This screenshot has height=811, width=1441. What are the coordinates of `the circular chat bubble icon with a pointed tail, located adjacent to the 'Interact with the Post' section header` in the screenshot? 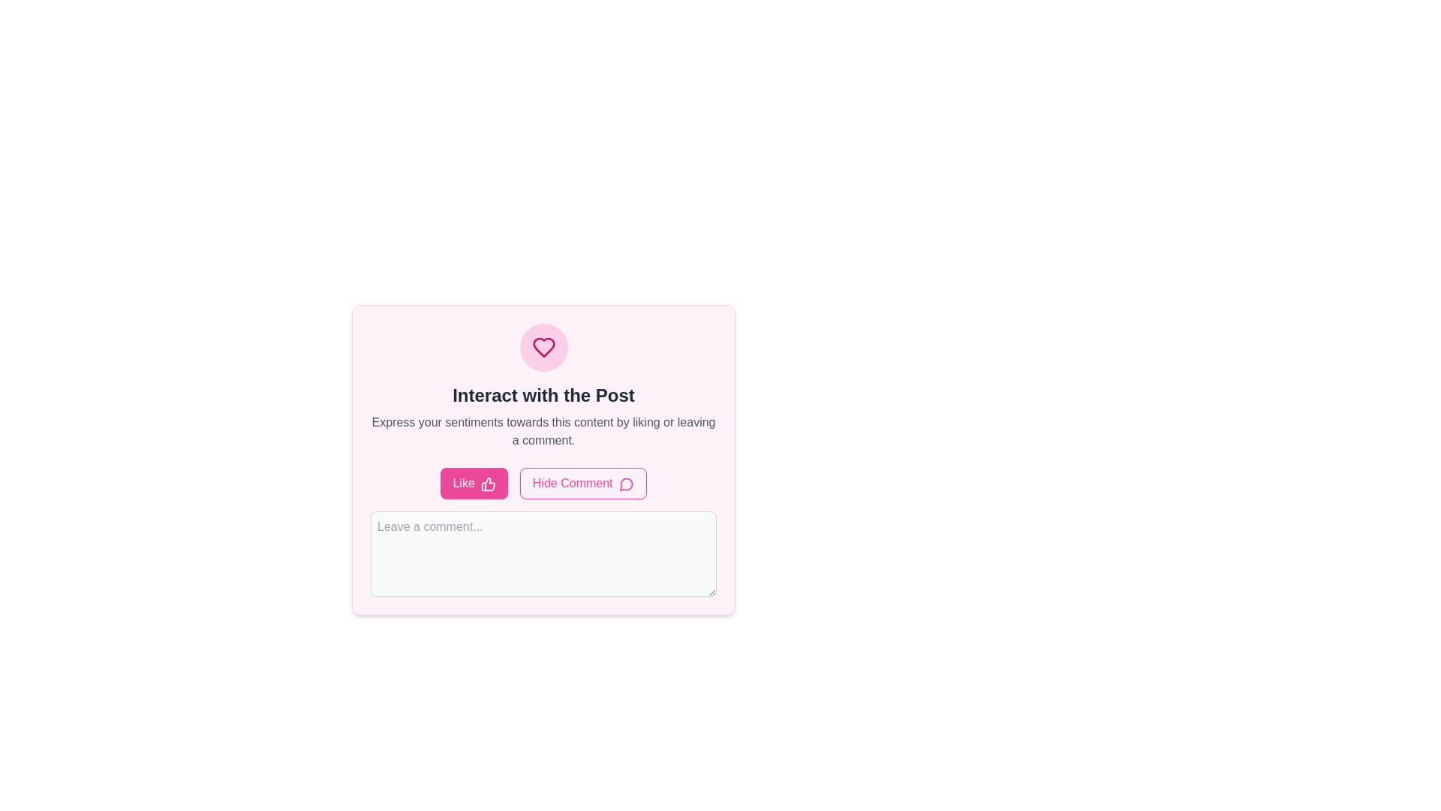 It's located at (626, 484).